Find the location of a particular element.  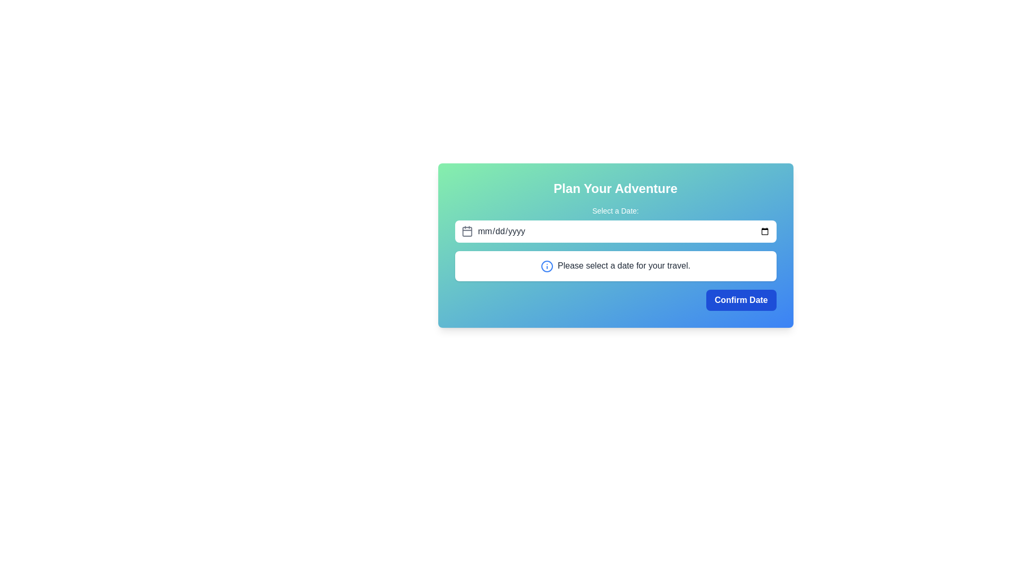

the circular information icon with a blue border located beside the text 'Please select a date for your travel.' is located at coordinates (547, 265).